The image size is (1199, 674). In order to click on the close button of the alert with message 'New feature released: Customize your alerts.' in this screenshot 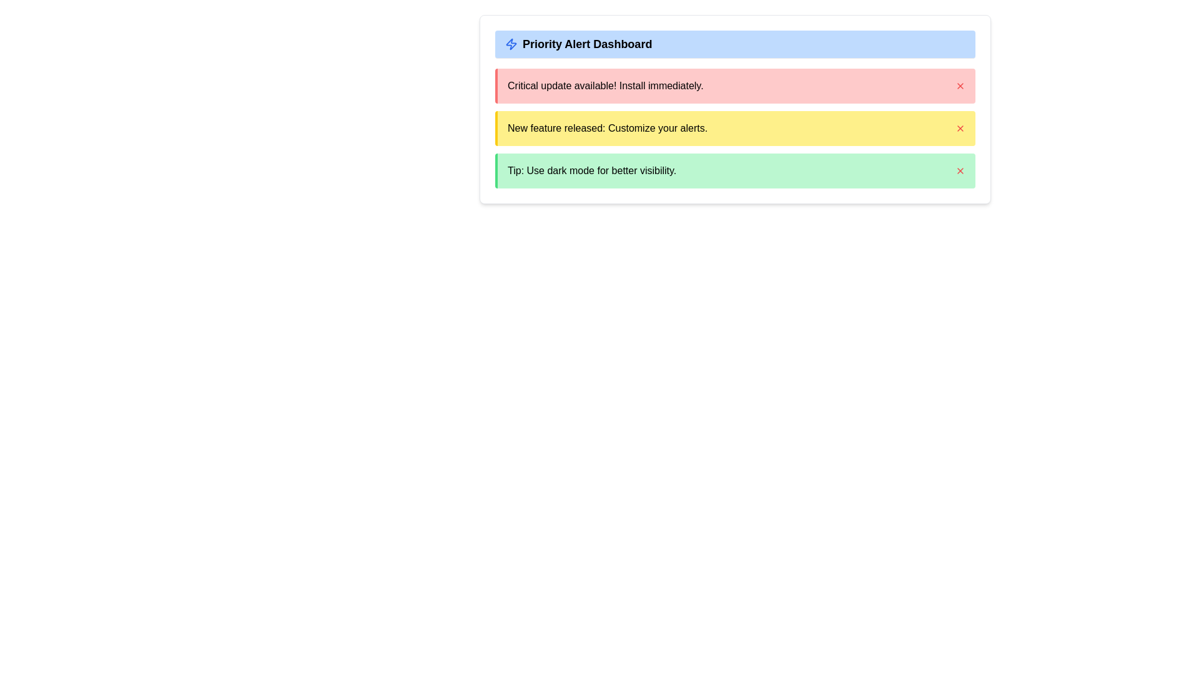, I will do `click(959, 128)`.